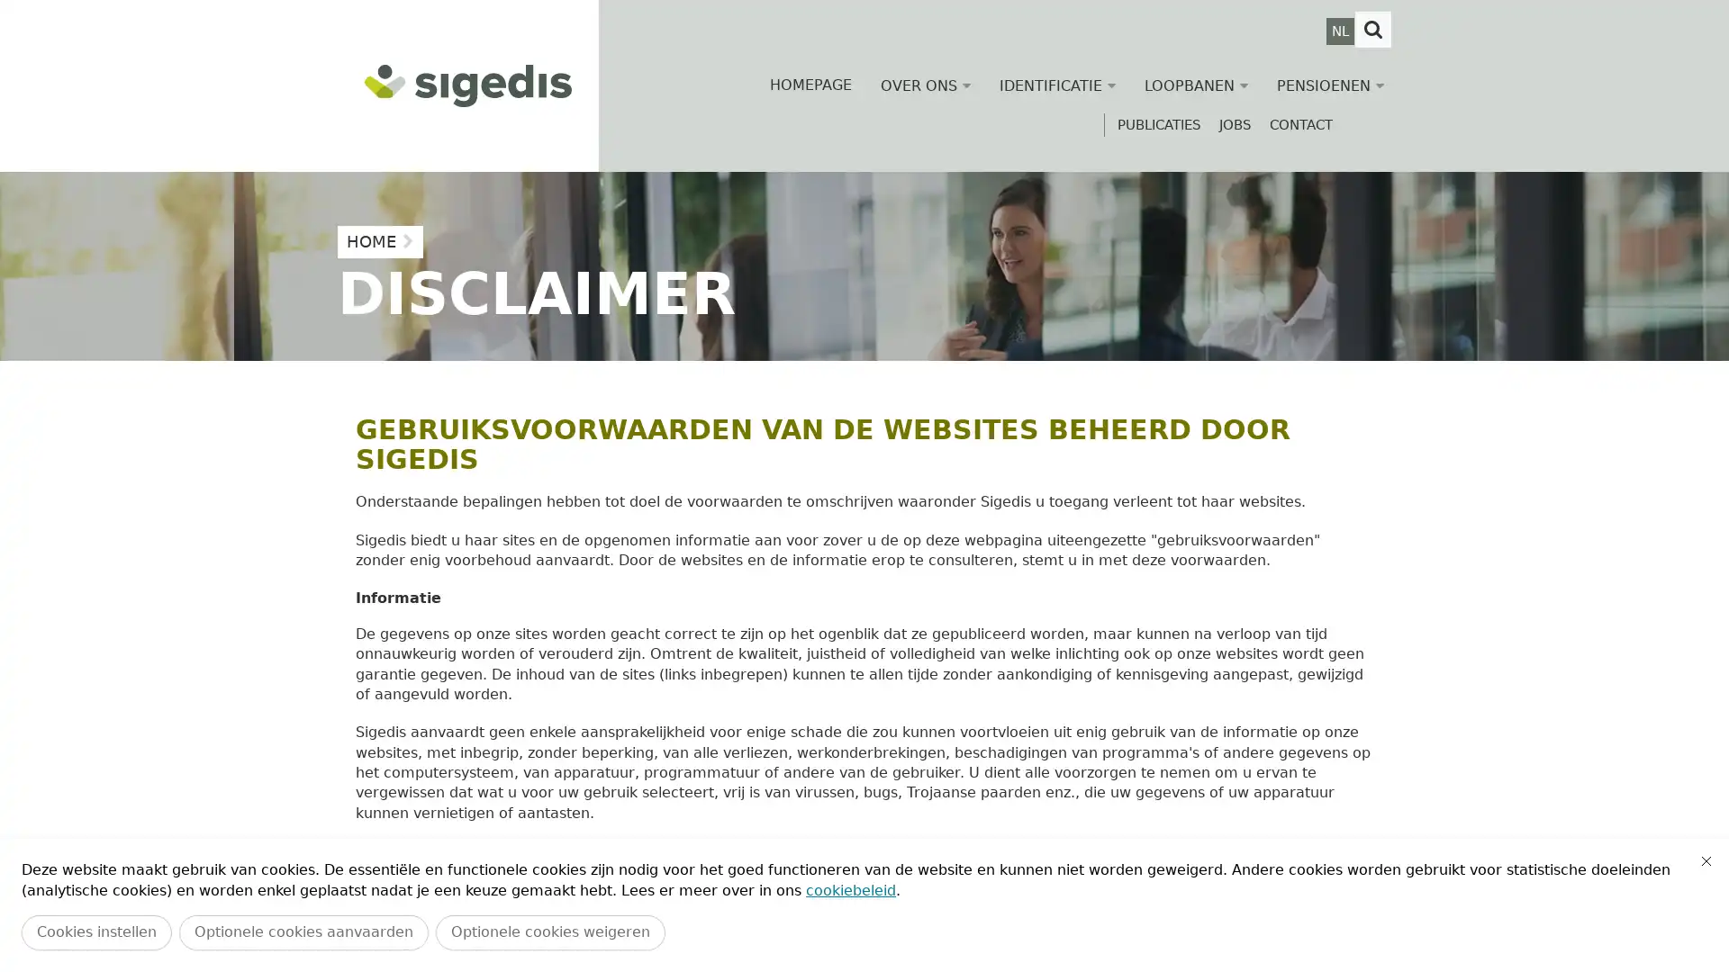 This screenshot has height=972, width=1729. I want to click on IDENTIFICATIE, so click(1057, 85).